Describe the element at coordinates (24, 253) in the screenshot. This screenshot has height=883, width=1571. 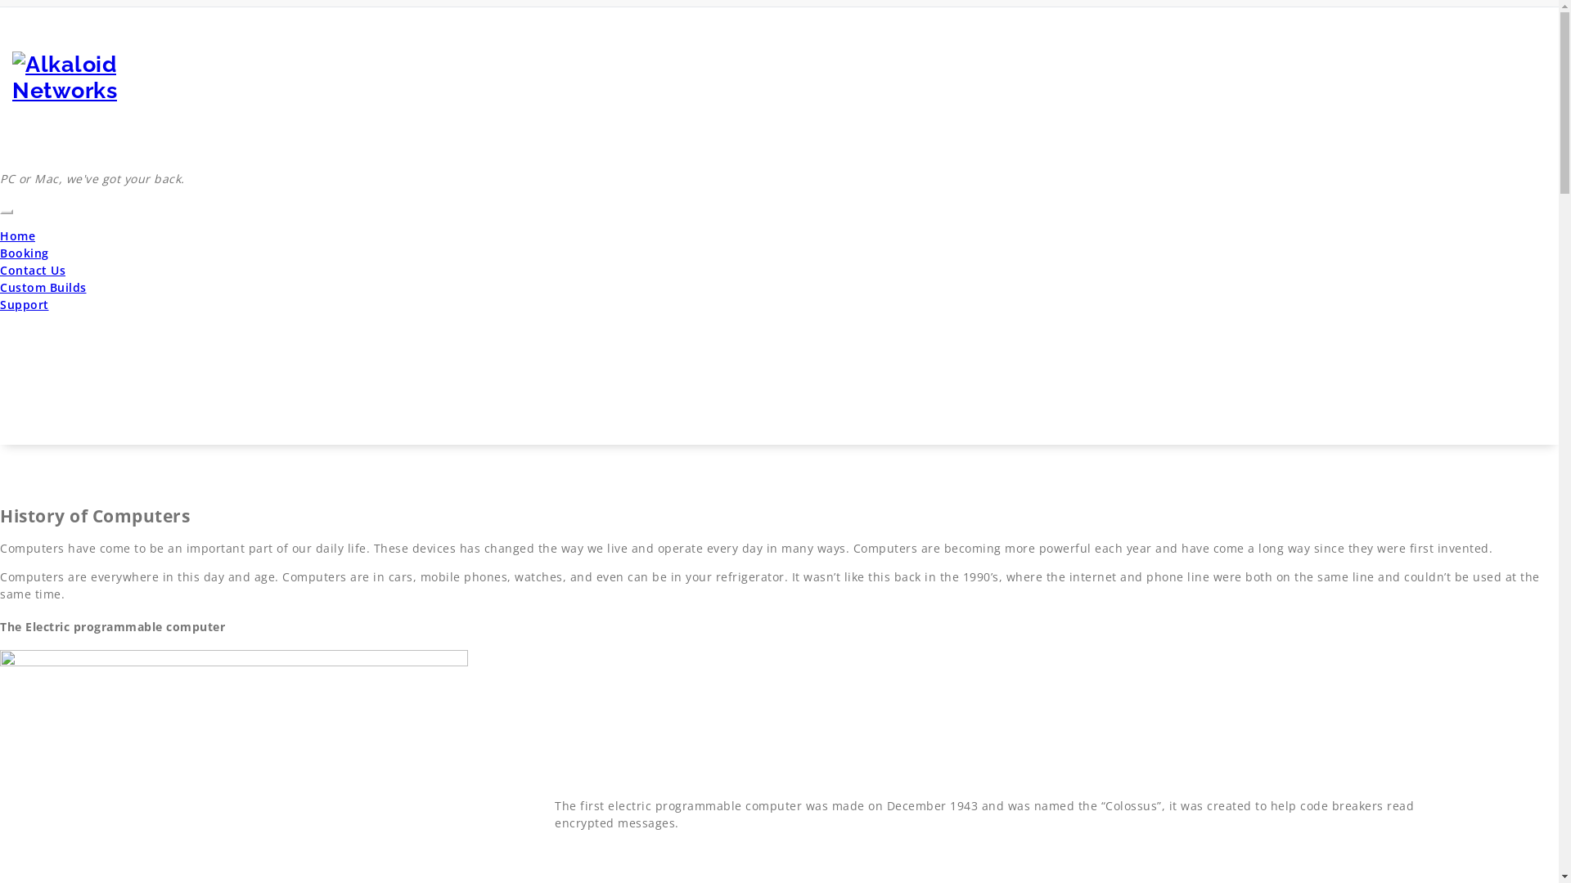
I see `'Booking'` at that location.